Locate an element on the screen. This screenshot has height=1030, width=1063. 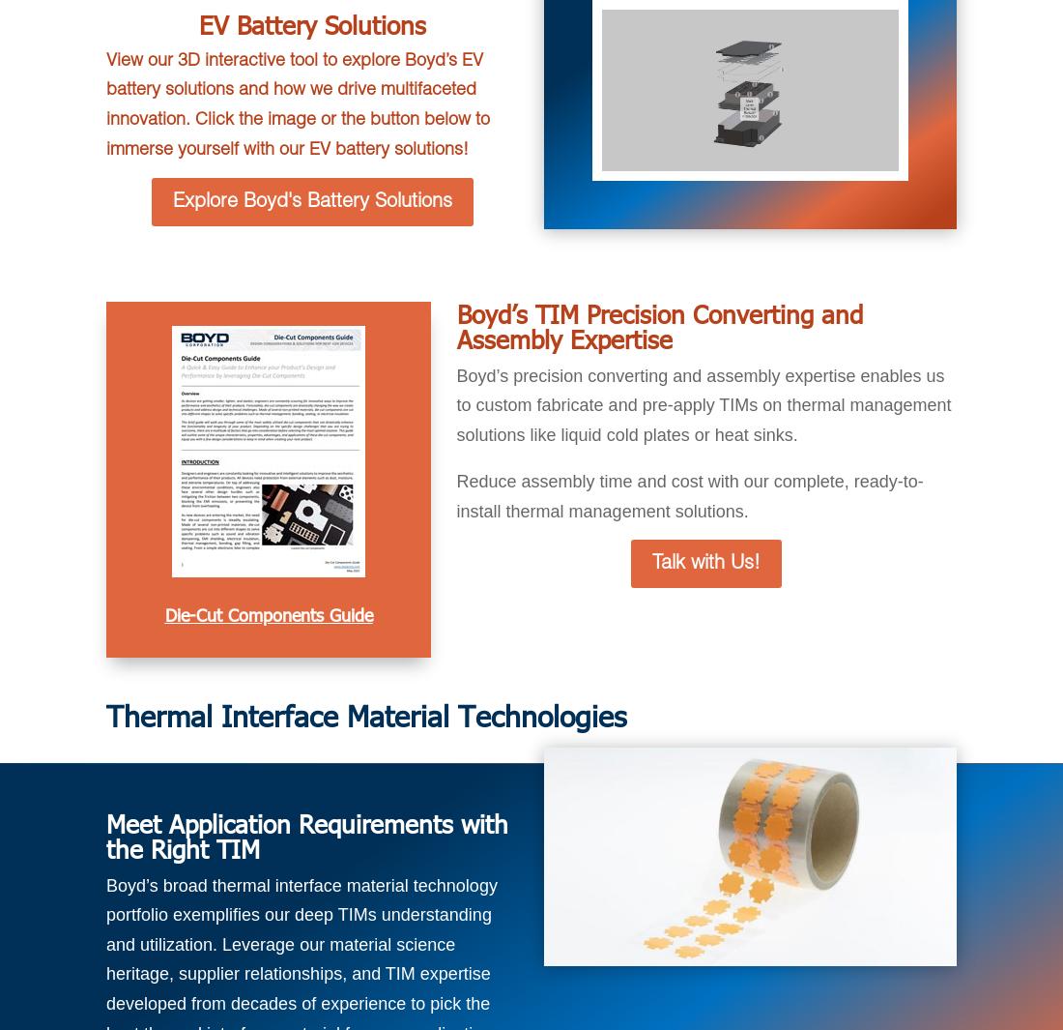
'Boyd’s TIM Precision Converting and Assembly Expertise' is located at coordinates (455, 324).